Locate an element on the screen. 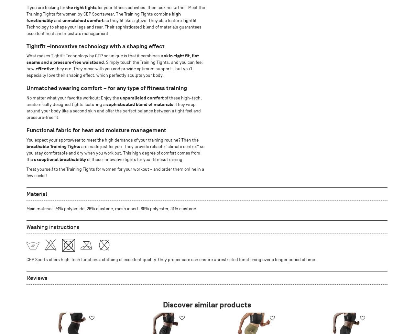  '. Simply touch the Training Tights, and you can feel how' is located at coordinates (114, 65).